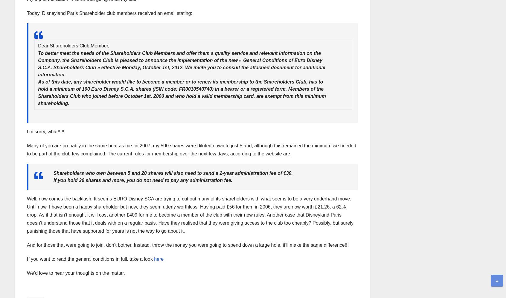 The width and height of the screenshot is (506, 298). I want to click on 'here', so click(158, 259).